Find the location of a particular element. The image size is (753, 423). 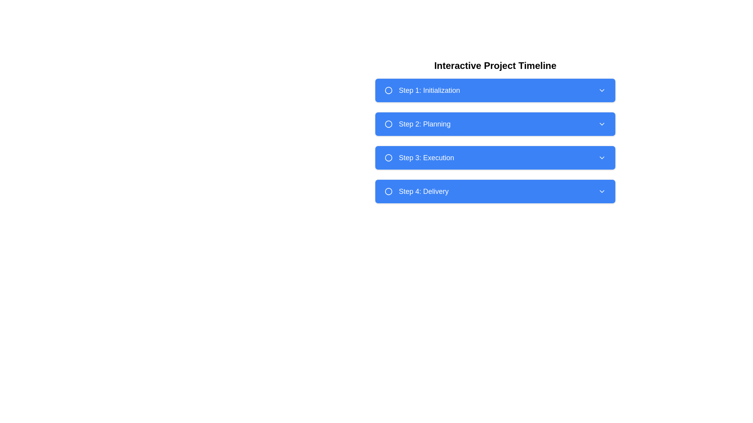

text label indicating the fourth step in the sequence titled 'Delivery', positioned in the blue rectangular box as the last item in the sequence is located at coordinates (423, 192).